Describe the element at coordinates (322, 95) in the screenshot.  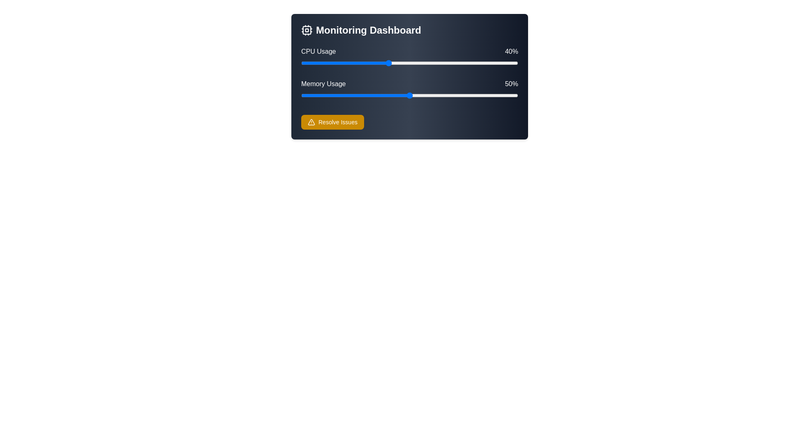
I see `Memory Usage` at that location.